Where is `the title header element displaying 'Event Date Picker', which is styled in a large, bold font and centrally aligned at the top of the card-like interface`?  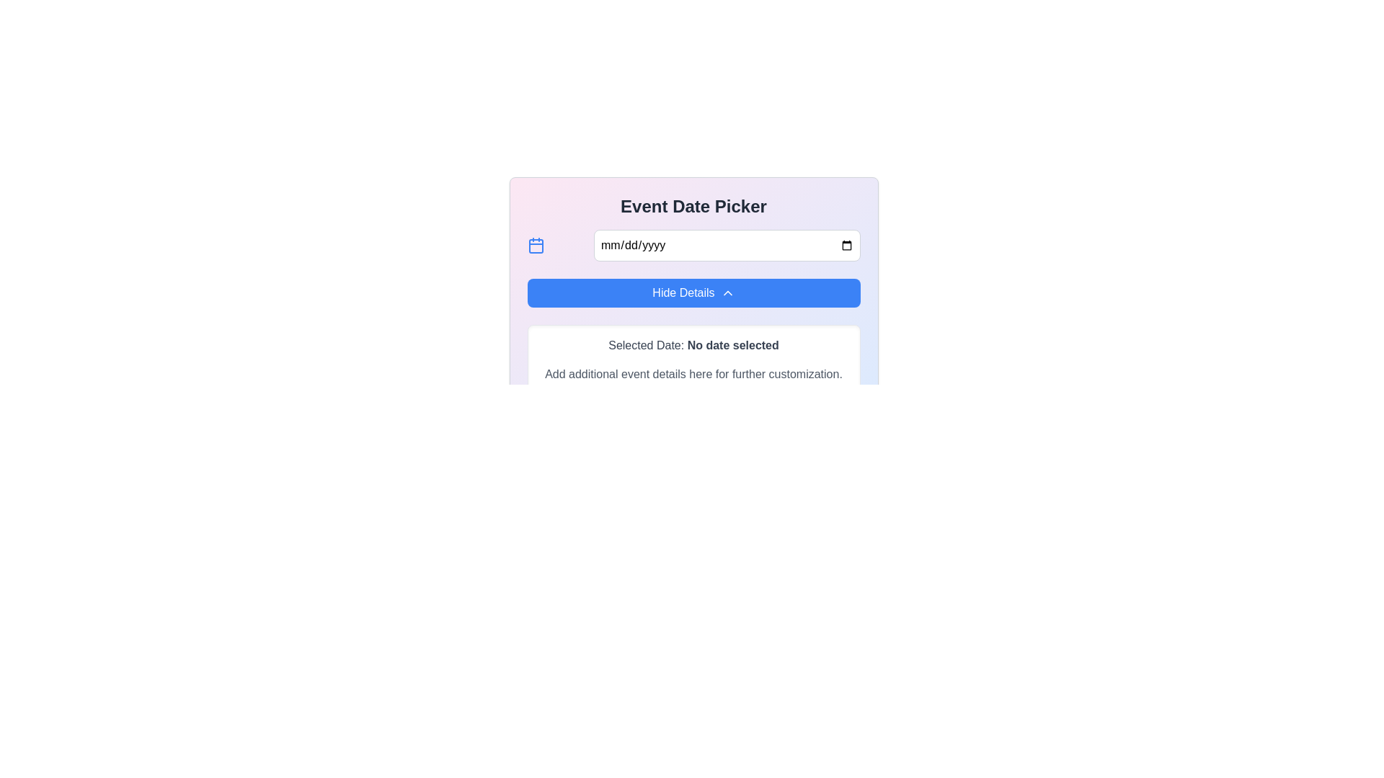 the title header element displaying 'Event Date Picker', which is styled in a large, bold font and centrally aligned at the top of the card-like interface is located at coordinates (693, 206).